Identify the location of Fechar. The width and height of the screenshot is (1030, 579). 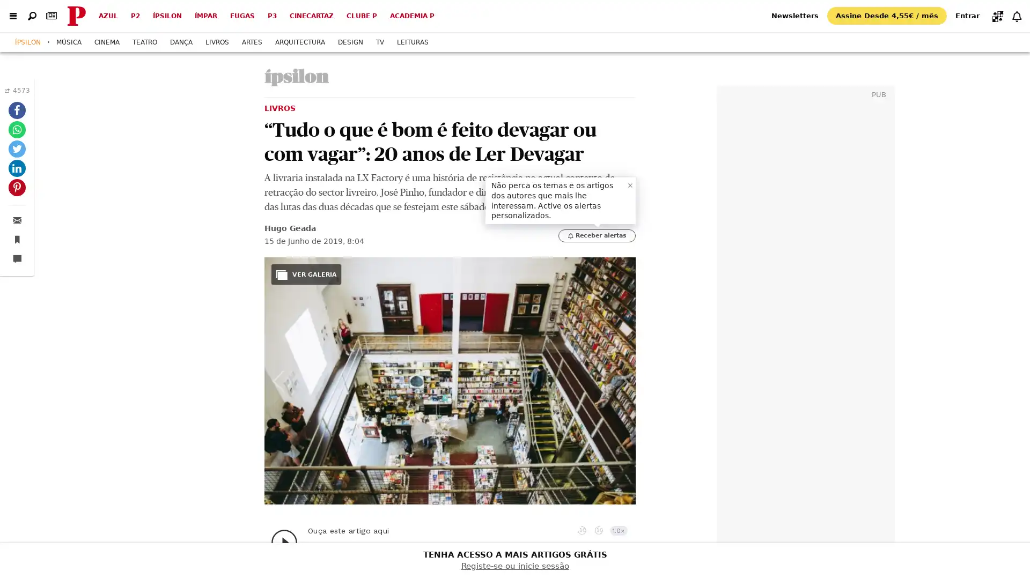
(630, 184).